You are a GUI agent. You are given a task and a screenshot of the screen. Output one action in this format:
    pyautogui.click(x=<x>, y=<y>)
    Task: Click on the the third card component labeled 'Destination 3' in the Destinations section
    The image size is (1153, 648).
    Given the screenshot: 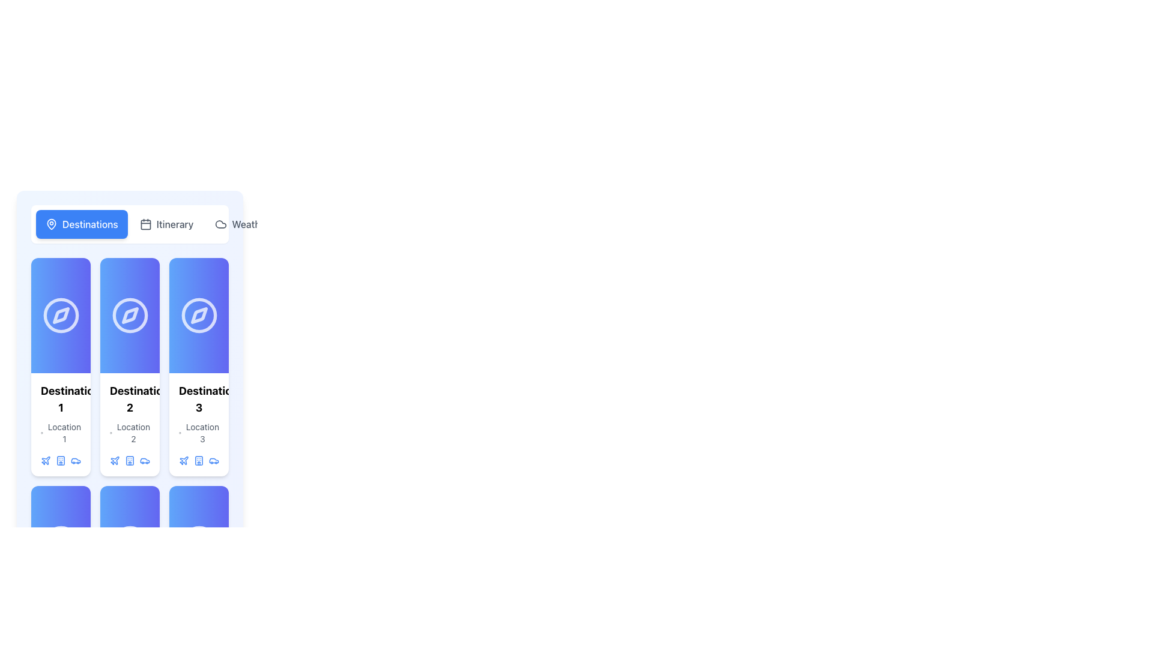 What is the action you would take?
    pyautogui.click(x=199, y=367)
    